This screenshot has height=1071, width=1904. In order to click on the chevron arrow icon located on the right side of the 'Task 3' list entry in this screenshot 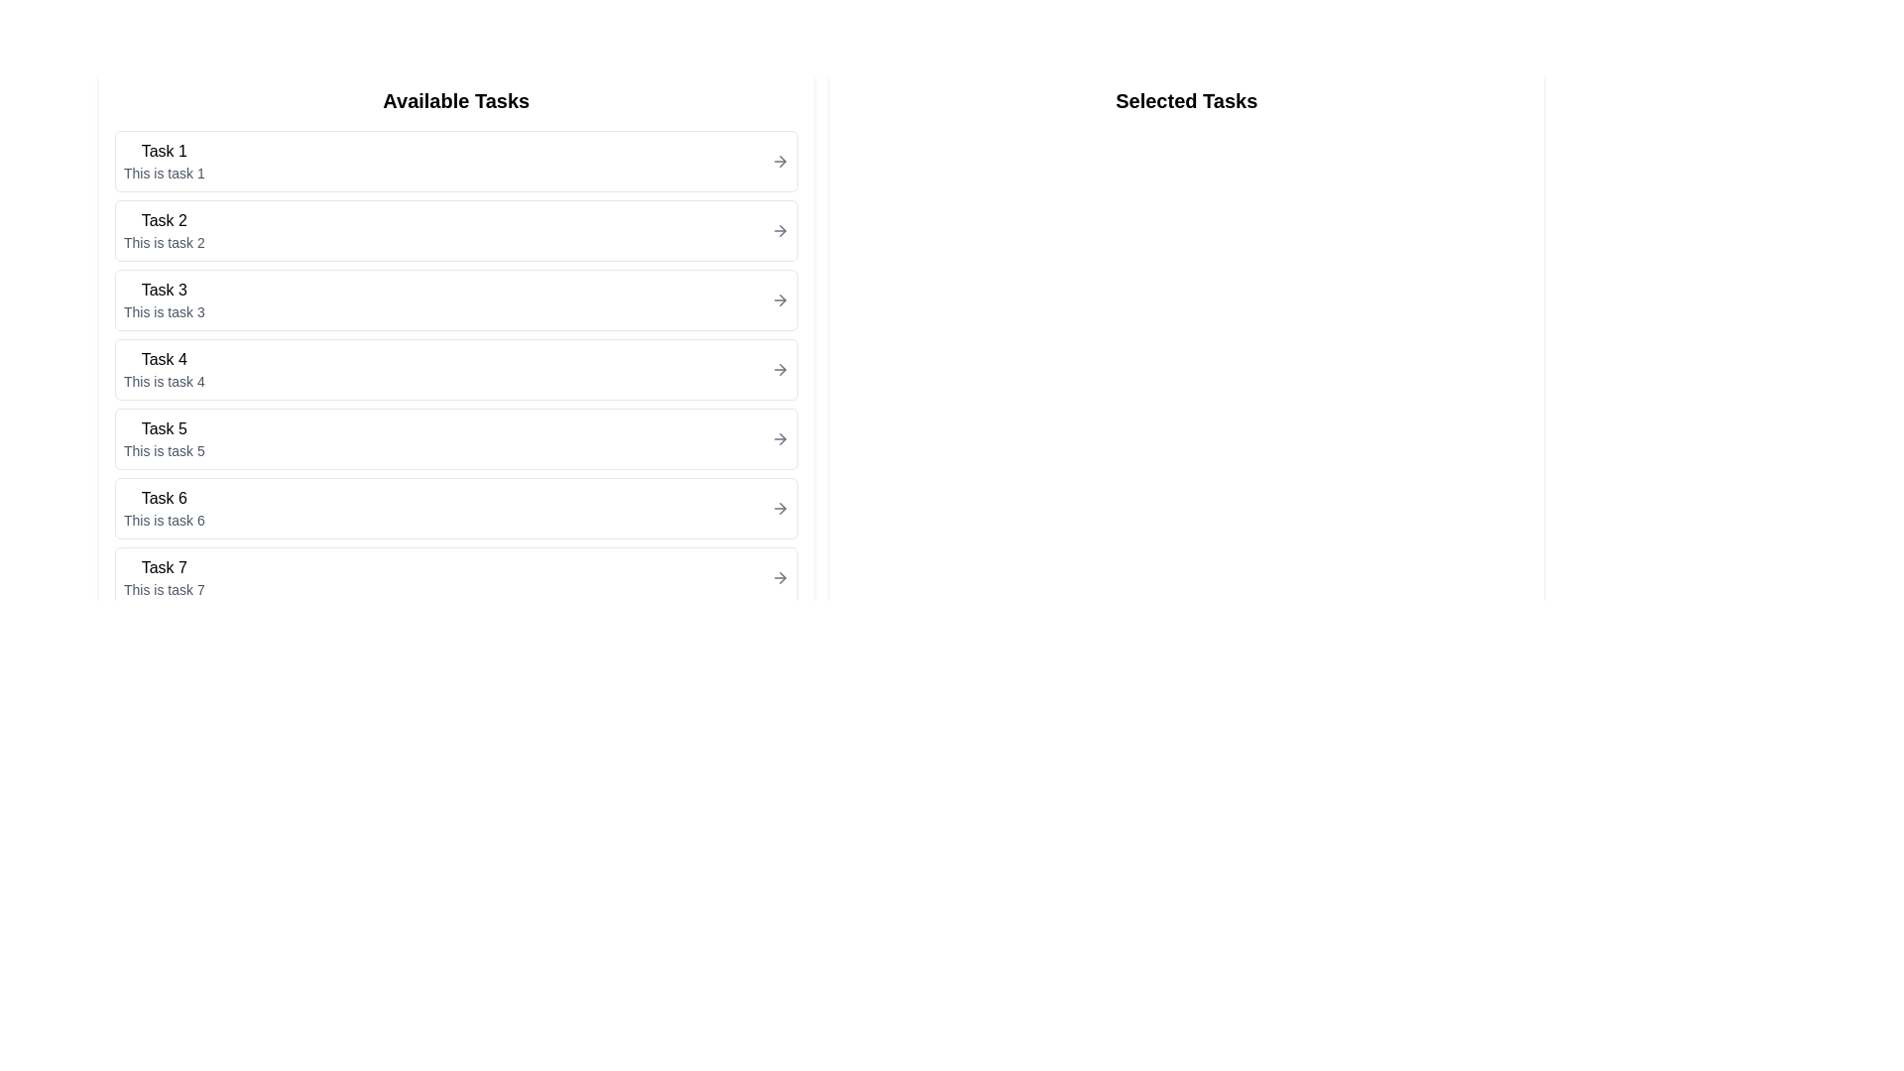, I will do `click(778, 300)`.